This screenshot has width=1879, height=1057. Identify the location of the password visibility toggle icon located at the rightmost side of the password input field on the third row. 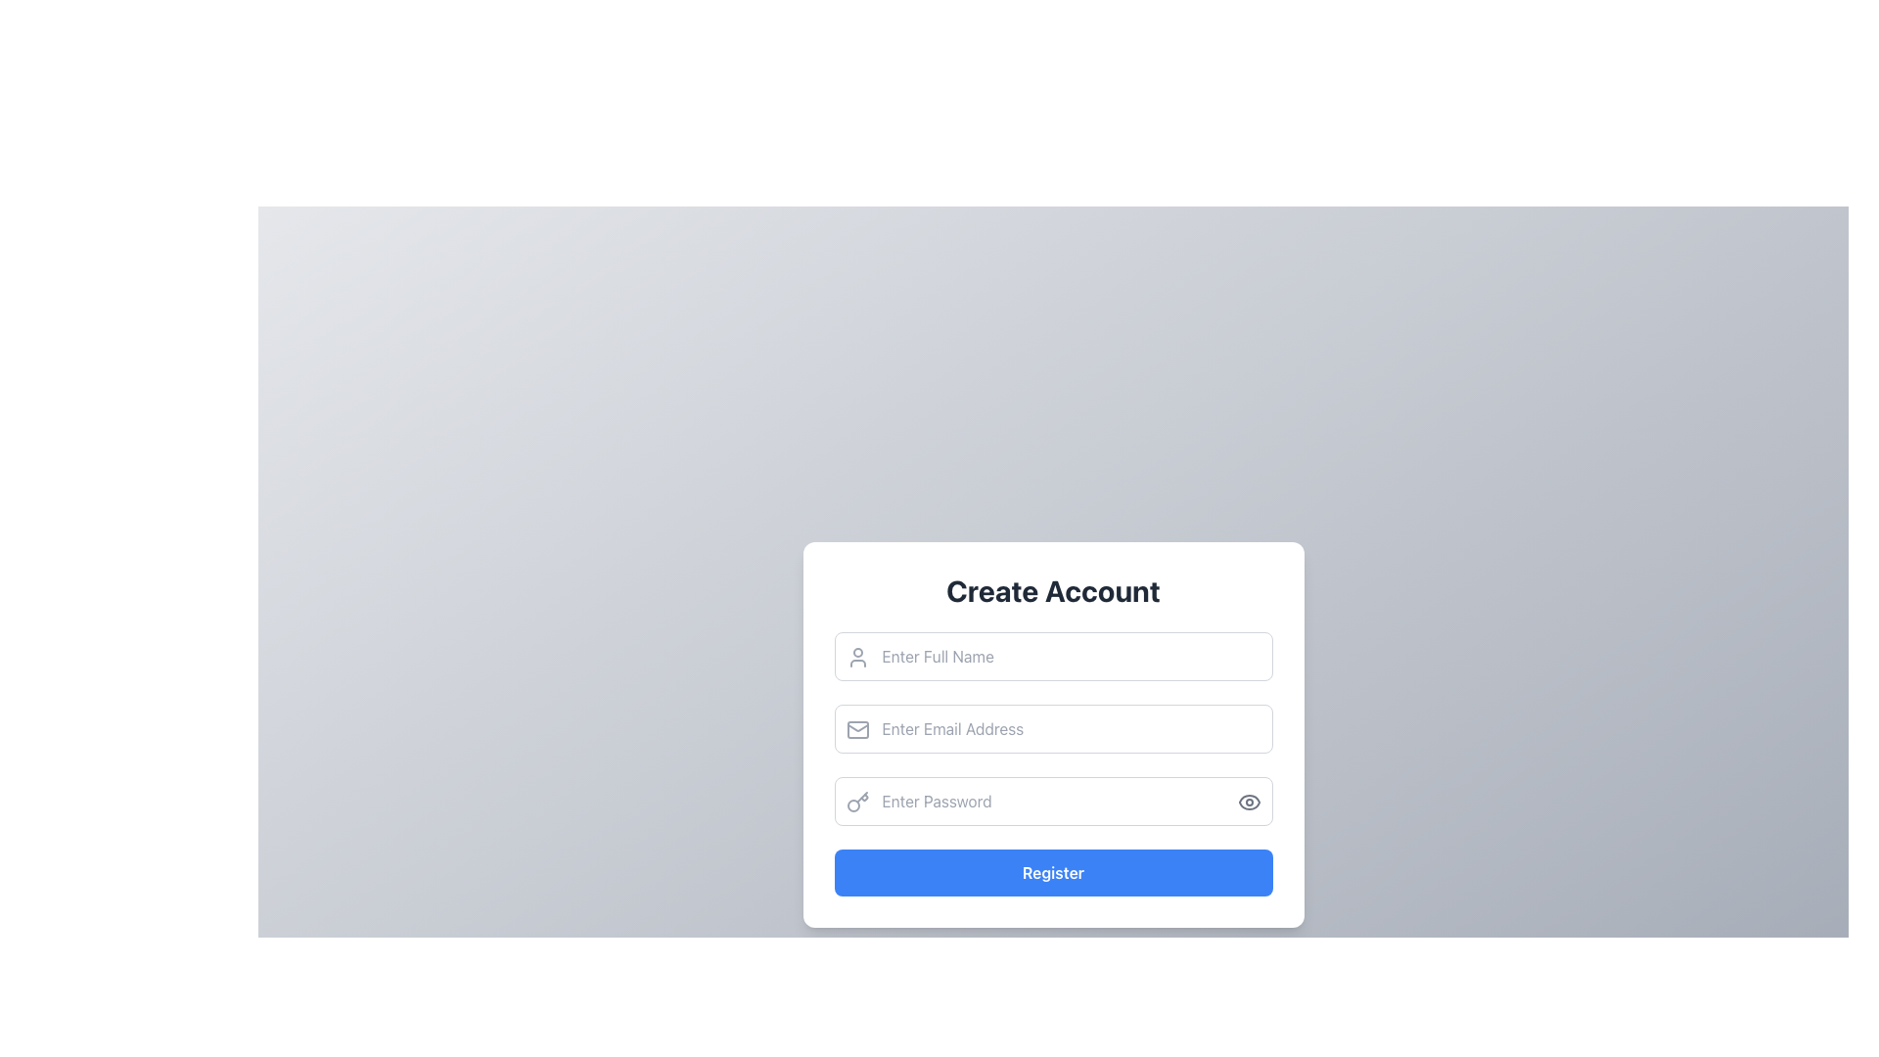
(1248, 803).